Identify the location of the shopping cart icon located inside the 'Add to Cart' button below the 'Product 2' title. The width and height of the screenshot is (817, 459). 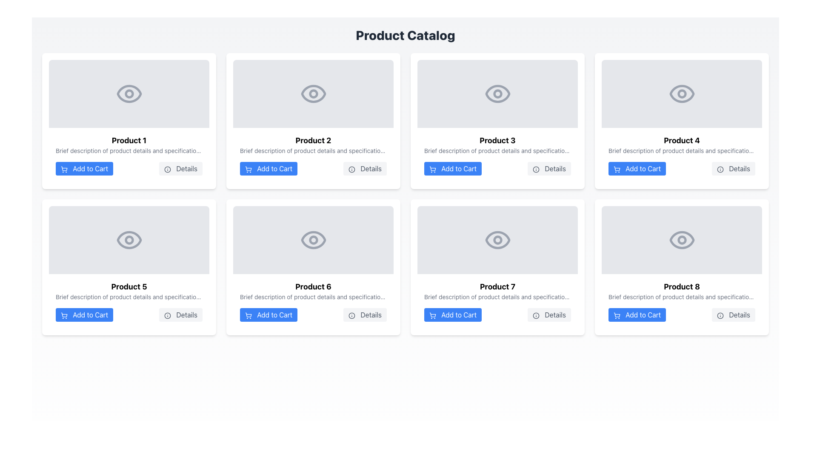
(248, 169).